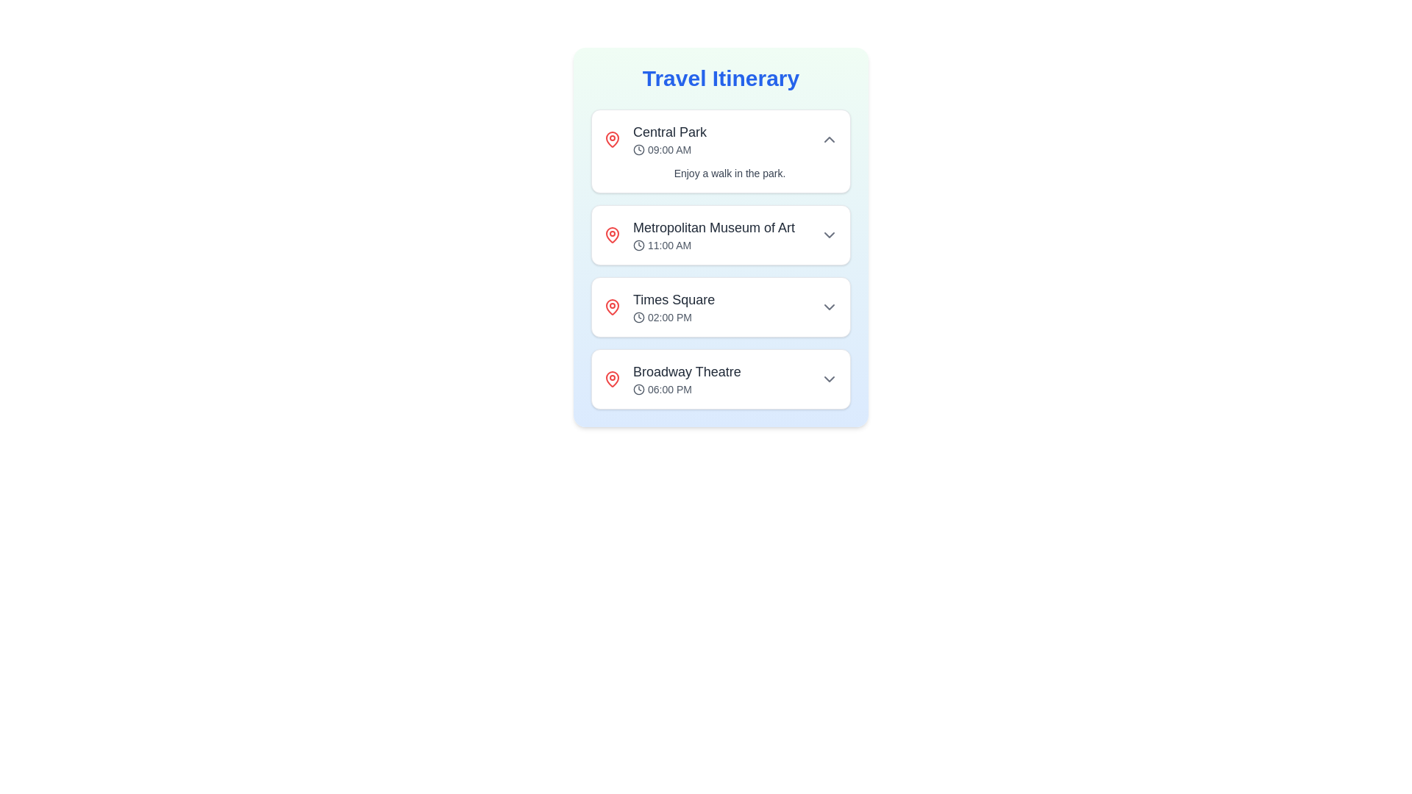 This screenshot has width=1412, height=794. I want to click on the red map pin icon located in the fourth item of the 'Travel Itinerary' section, adjacent to the text 'Broadway Theatre', so click(613, 379).